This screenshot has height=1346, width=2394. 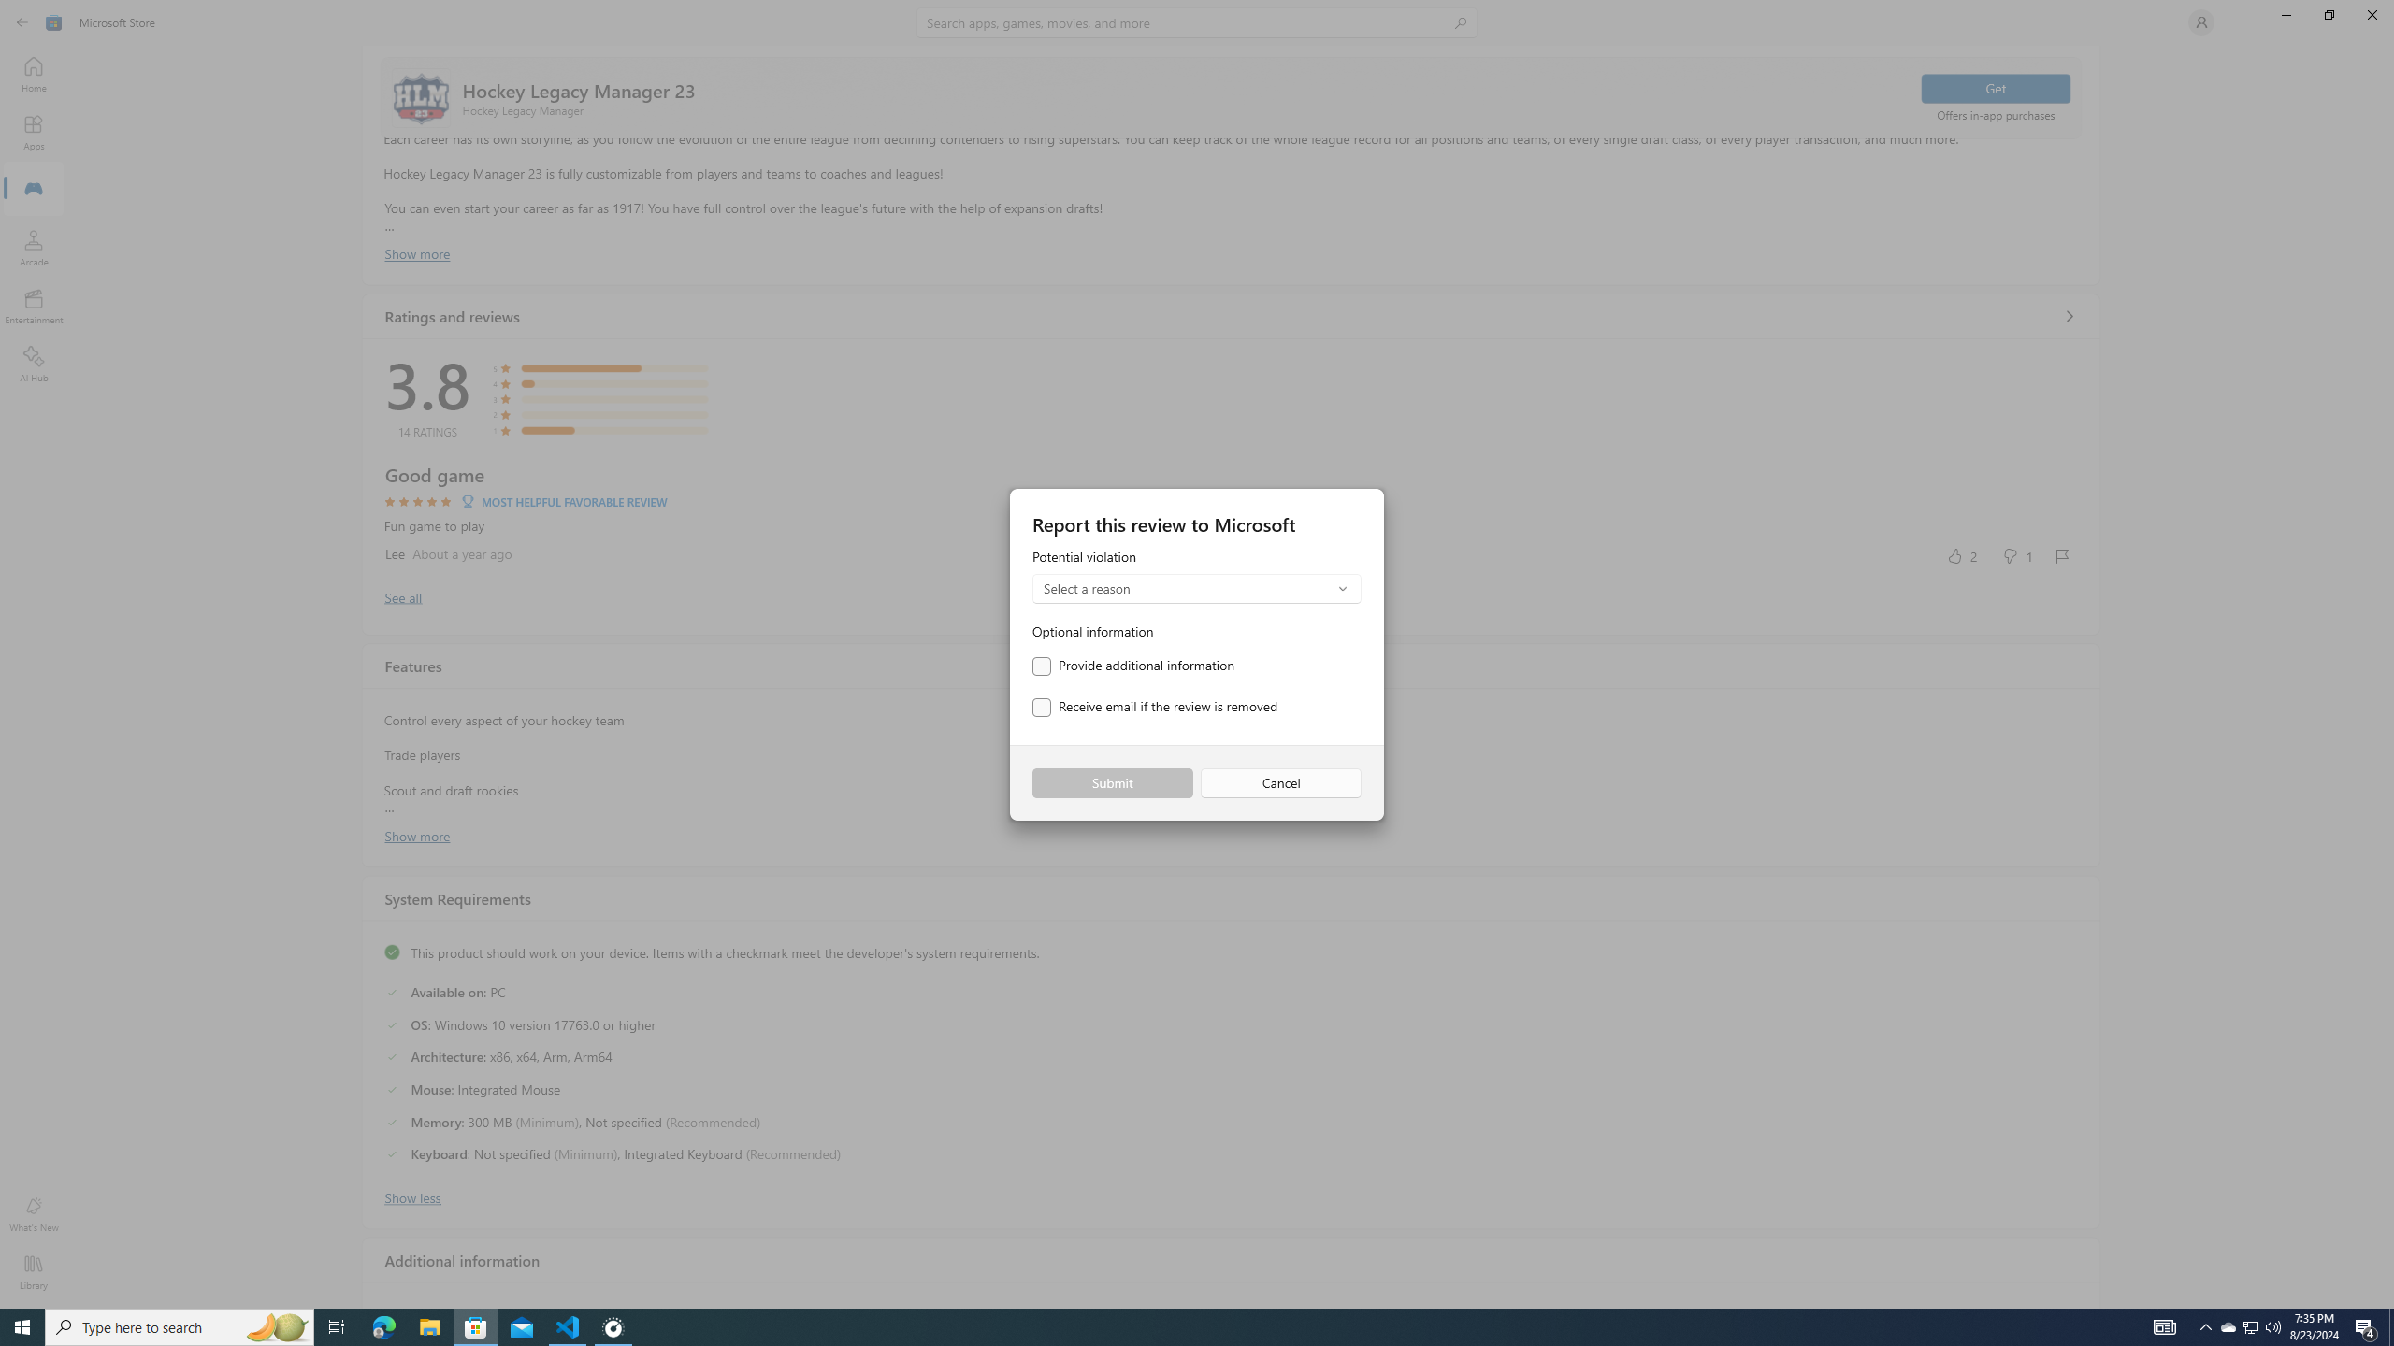 I want to click on 'Restore Microsoft Store', so click(x=2329, y=14).